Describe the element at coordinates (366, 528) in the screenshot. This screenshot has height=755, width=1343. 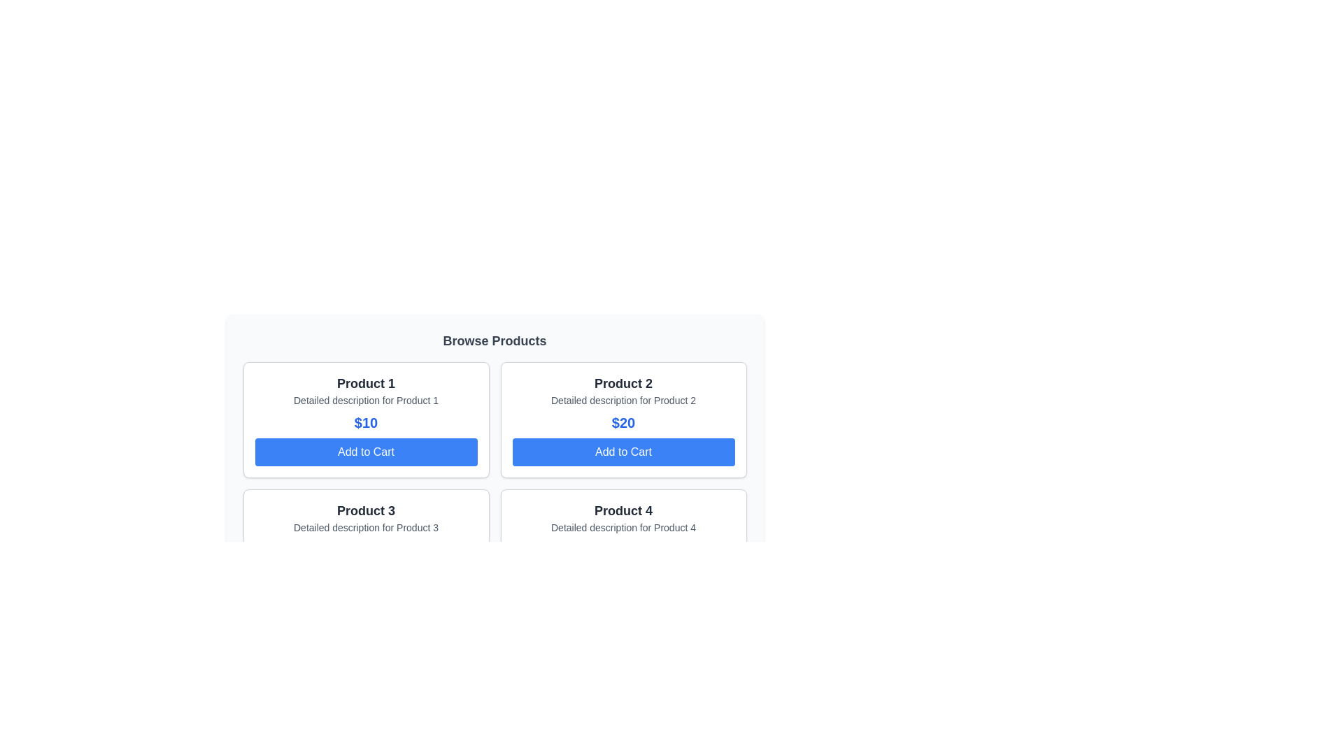
I see `text label that states 'Detailed description for Product 3', which is located below the title 'Product 3' in the lower-left product card` at that location.